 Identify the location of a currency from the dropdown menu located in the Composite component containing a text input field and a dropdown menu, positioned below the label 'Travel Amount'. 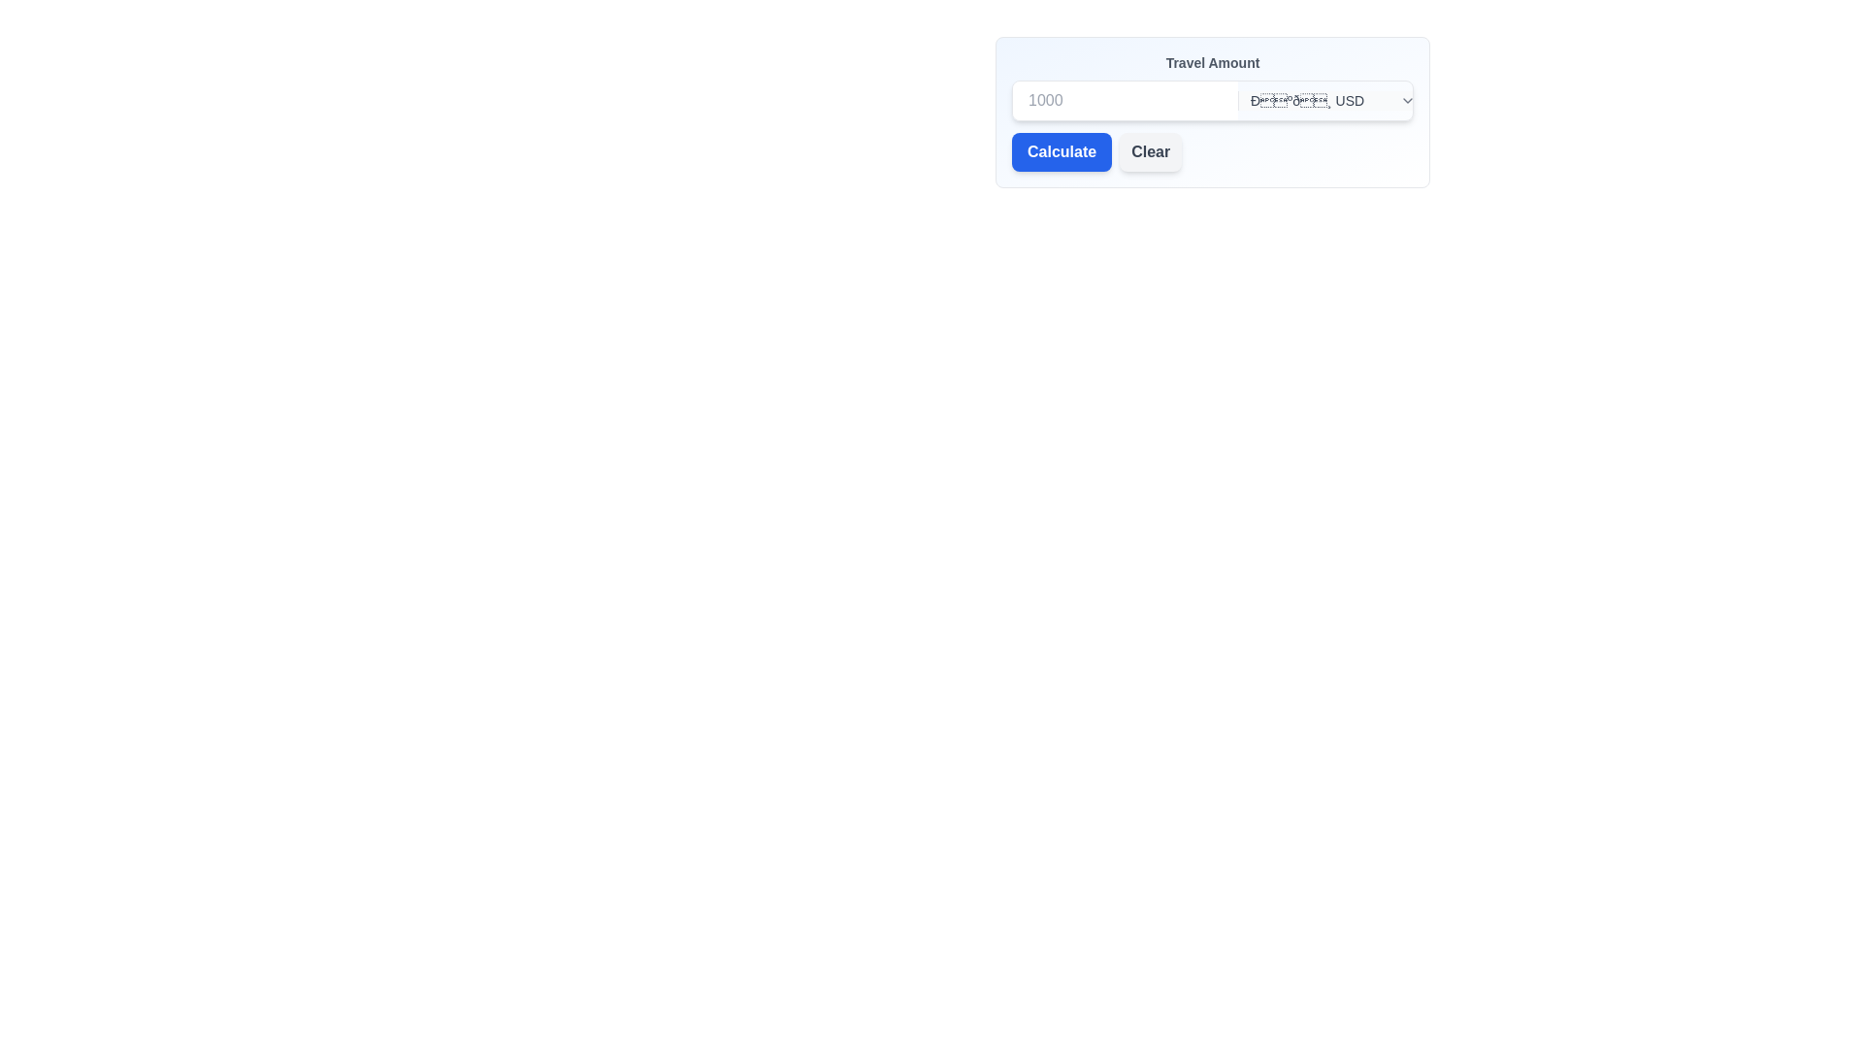
(1211, 101).